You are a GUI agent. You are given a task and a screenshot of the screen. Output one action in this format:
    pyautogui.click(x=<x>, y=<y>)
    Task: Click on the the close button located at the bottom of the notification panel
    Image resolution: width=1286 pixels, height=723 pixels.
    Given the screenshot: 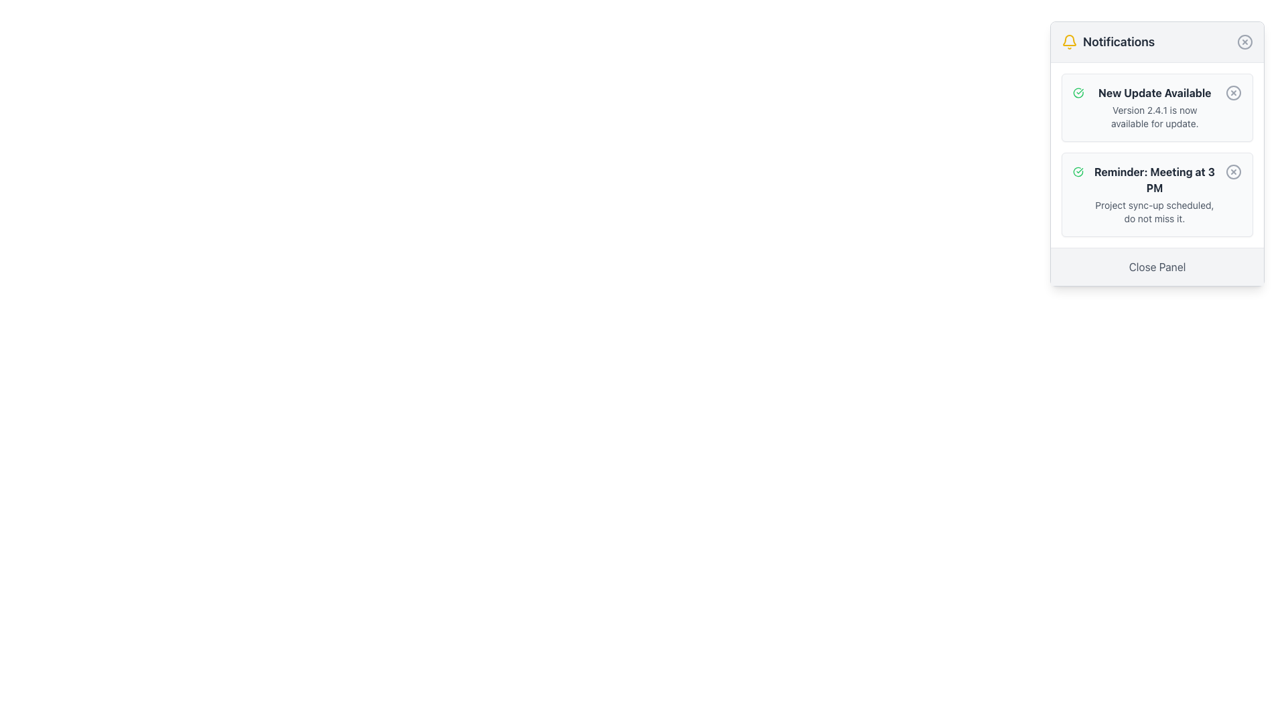 What is the action you would take?
    pyautogui.click(x=1157, y=266)
    